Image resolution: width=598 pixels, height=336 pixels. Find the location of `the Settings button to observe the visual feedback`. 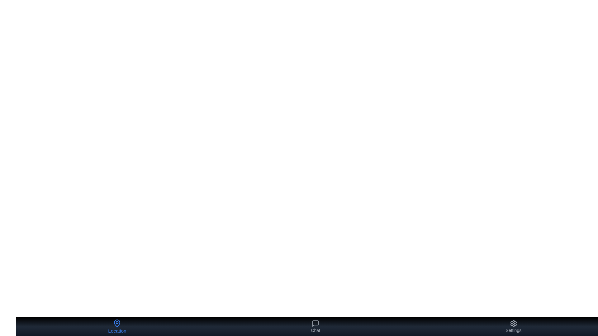

the Settings button to observe the visual feedback is located at coordinates (514, 326).